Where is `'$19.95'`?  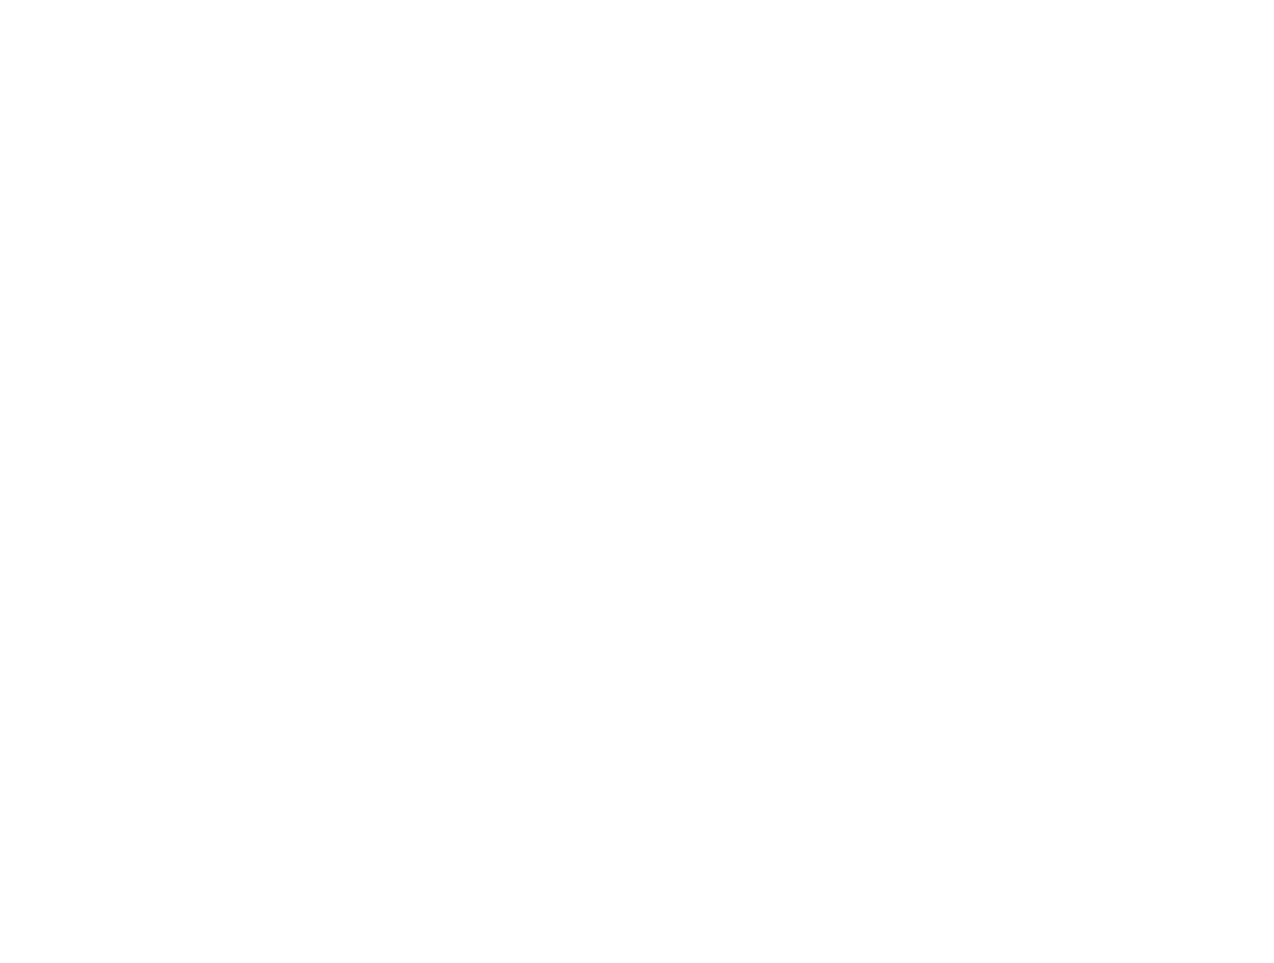
'$19.95' is located at coordinates (675, 158).